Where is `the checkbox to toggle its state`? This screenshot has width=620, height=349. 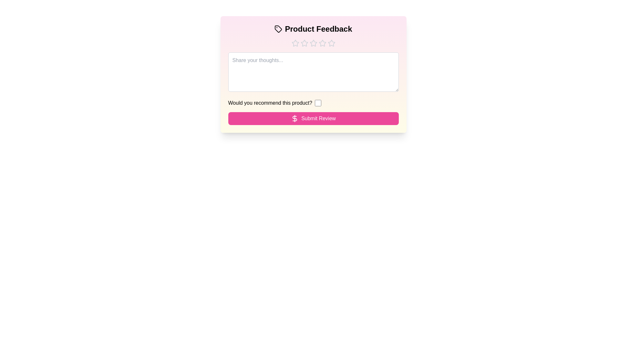 the checkbox to toggle its state is located at coordinates (318, 103).